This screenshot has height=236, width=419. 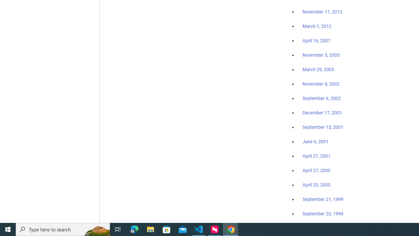 I want to click on 'September 6, 2002', so click(x=321, y=98).